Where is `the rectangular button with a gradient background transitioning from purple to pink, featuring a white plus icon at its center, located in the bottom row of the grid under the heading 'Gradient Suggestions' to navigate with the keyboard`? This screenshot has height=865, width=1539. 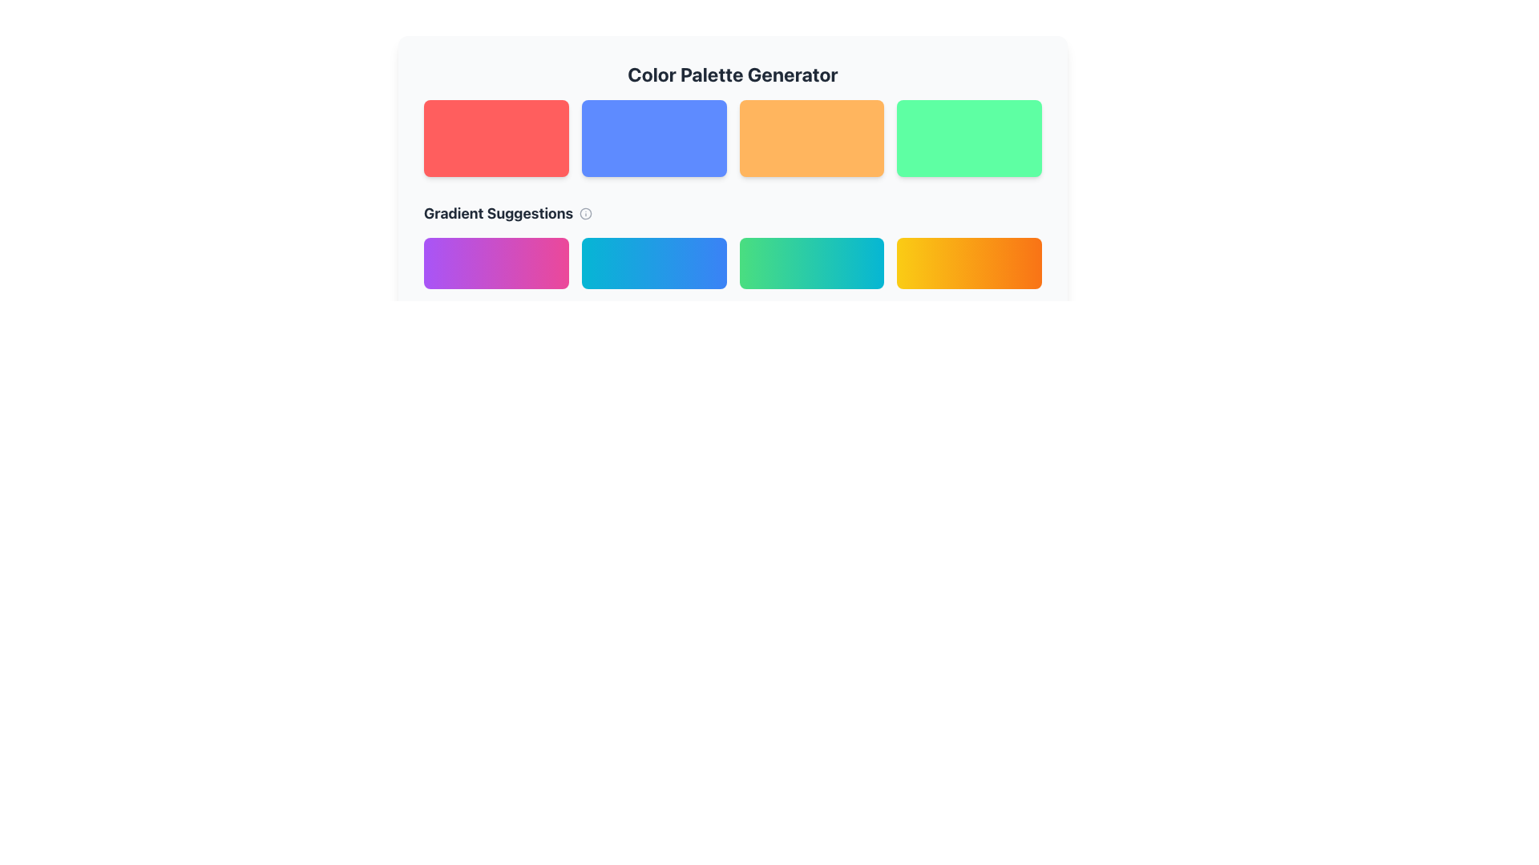 the rectangular button with a gradient background transitioning from purple to pink, featuring a white plus icon at its center, located in the bottom row of the grid under the heading 'Gradient Suggestions' to navigate with the keyboard is located at coordinates (495, 262).